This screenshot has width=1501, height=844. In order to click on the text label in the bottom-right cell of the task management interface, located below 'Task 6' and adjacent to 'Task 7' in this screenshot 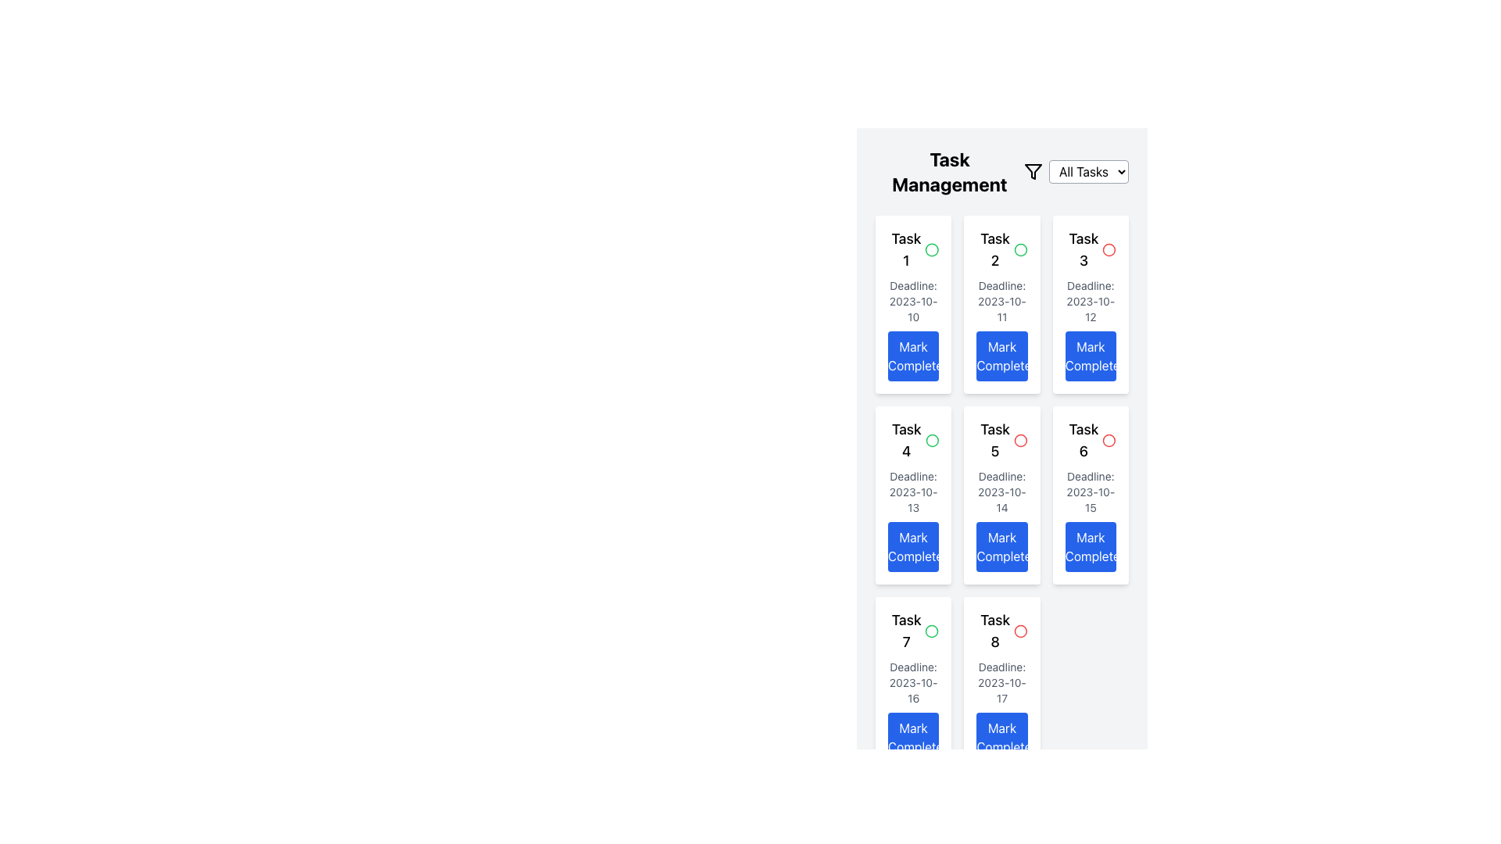, I will do `click(994, 630)`.